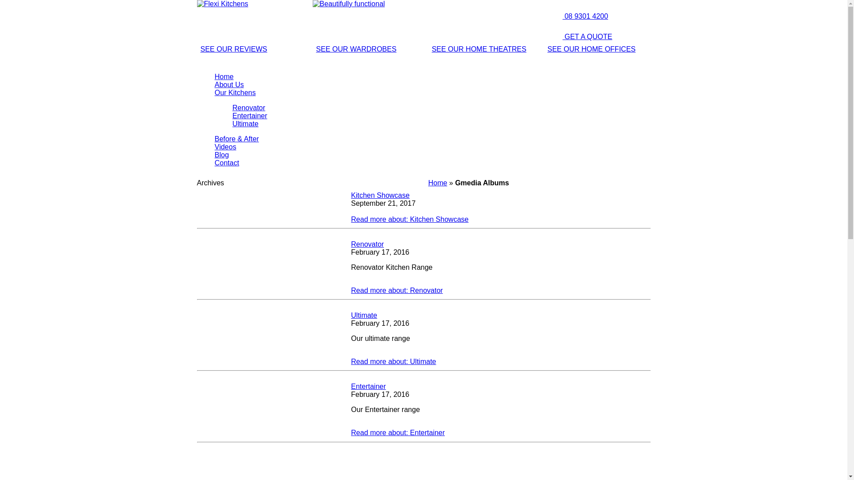 Image resolution: width=854 pixels, height=480 pixels. I want to click on 'Contact', so click(226, 163).